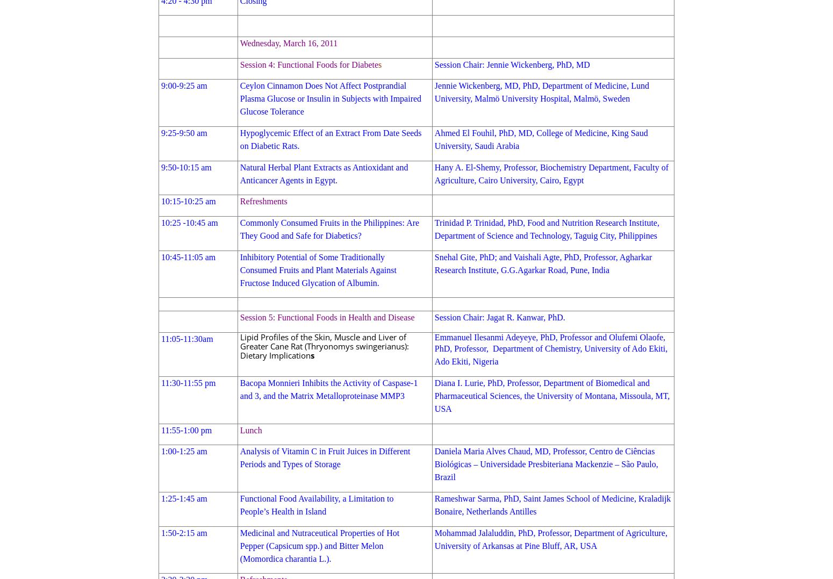 The image size is (833, 579). Describe the element at coordinates (250, 430) in the screenshot. I see `'Lunch'` at that location.